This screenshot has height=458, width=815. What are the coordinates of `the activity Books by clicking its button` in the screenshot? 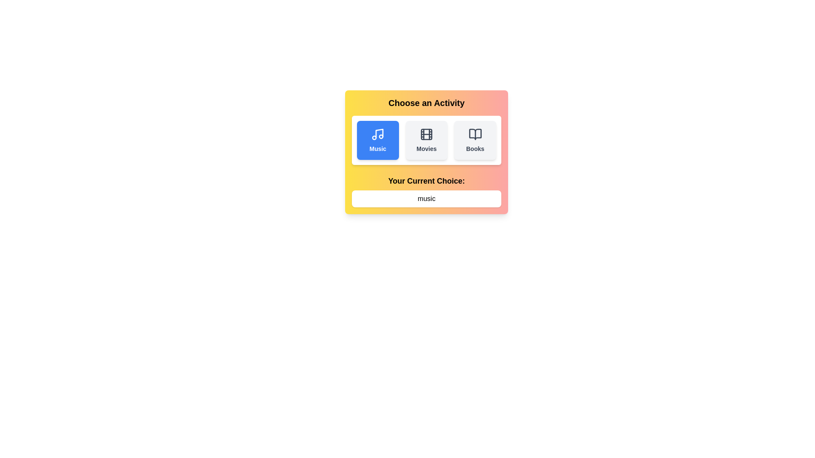 It's located at (474, 140).